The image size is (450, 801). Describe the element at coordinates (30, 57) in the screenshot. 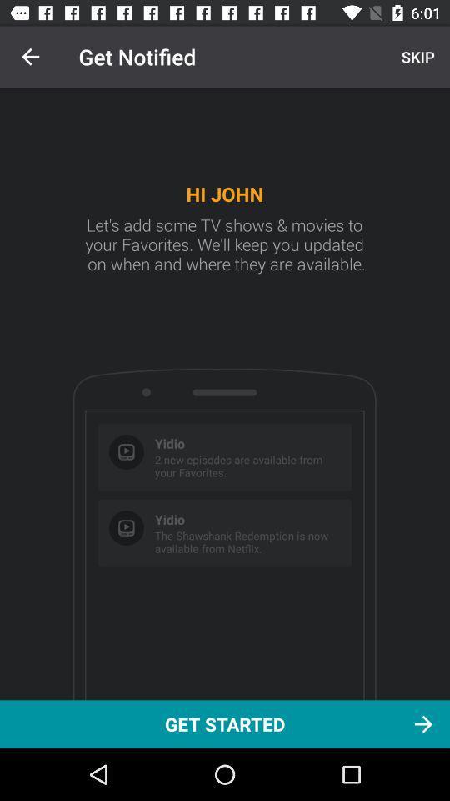

I see `the item next to the get notified icon` at that location.